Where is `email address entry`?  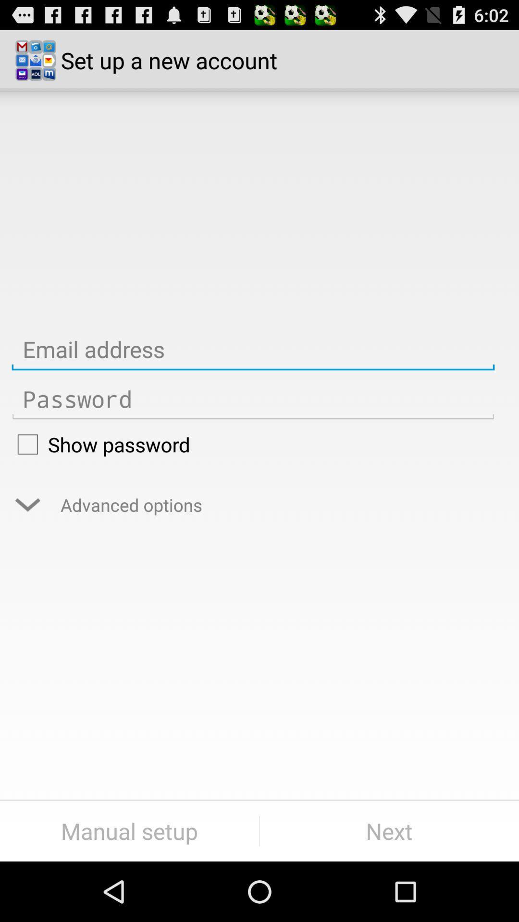
email address entry is located at coordinates (252, 349).